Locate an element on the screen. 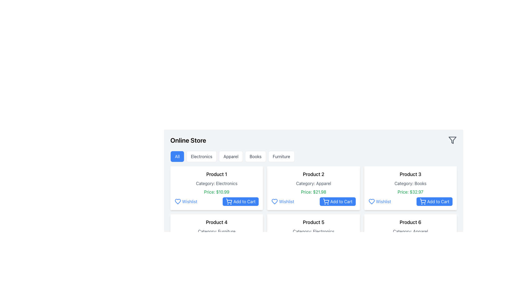  the text label 'Product 3', which is positioned at the top of a product card in the third column of a grid layout is located at coordinates (410, 174).